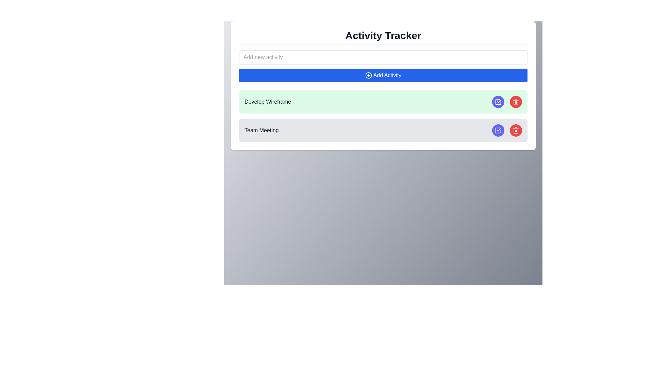  I want to click on the delete button located to the right of the 'Team Meeting' row, so click(516, 130).